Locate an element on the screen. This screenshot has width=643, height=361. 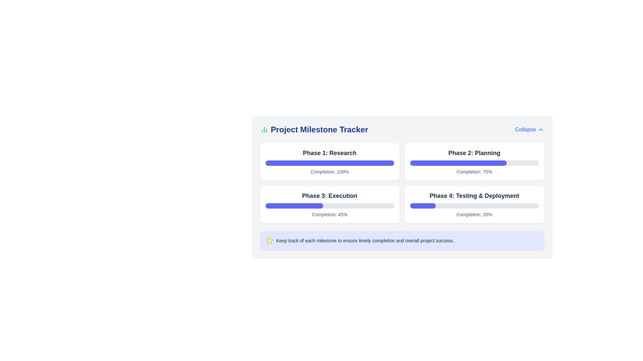
the static text label that indicates the completion percentage for 'Phase 4: Testing & Deployment', located beneath the progress bar in the corresponding card is located at coordinates (474, 214).